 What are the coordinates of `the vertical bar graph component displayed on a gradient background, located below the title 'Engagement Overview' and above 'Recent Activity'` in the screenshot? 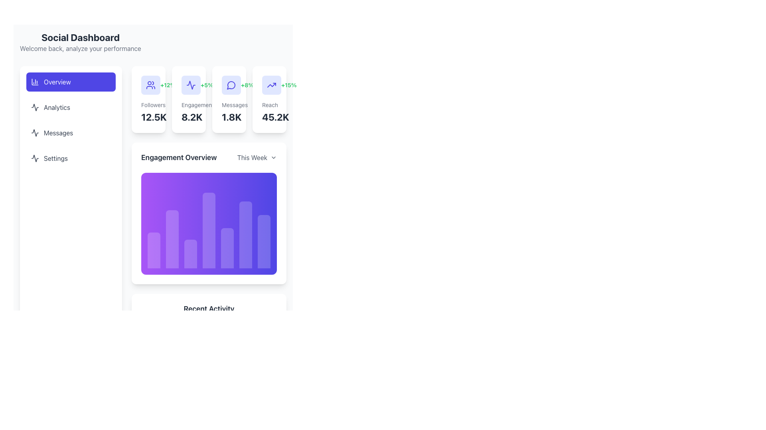 It's located at (209, 213).